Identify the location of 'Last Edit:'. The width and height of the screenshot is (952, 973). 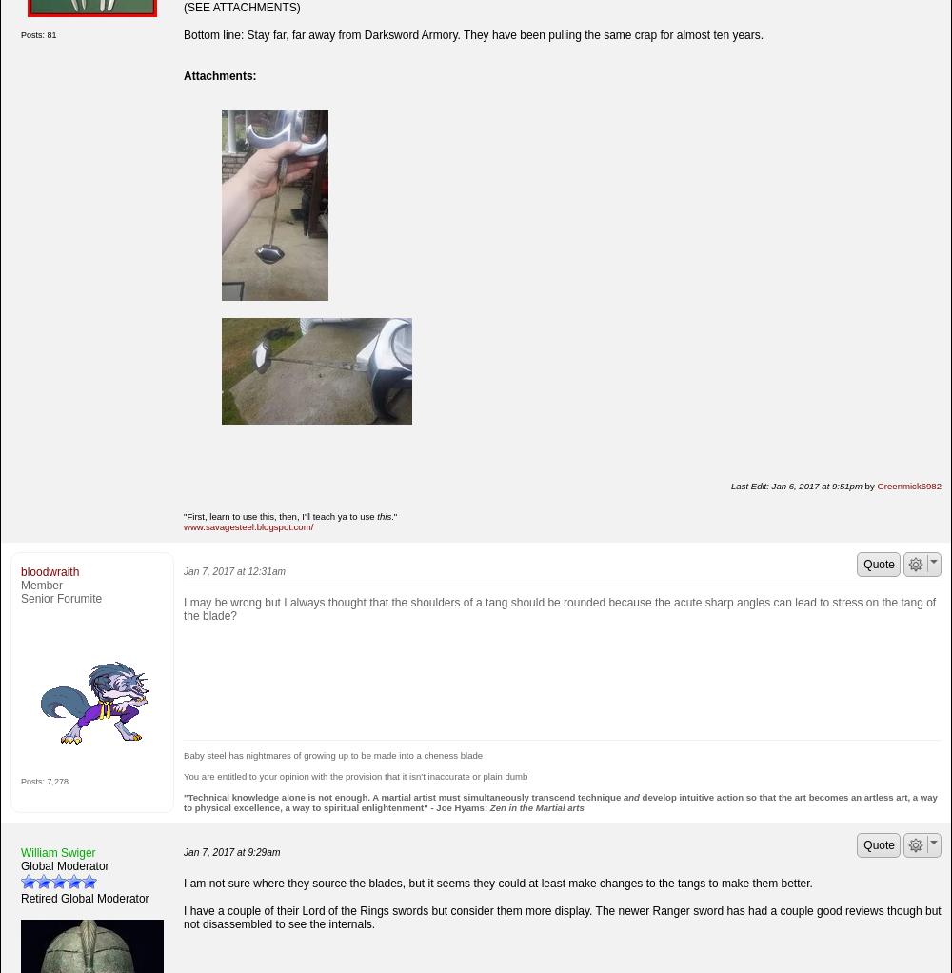
(730, 485).